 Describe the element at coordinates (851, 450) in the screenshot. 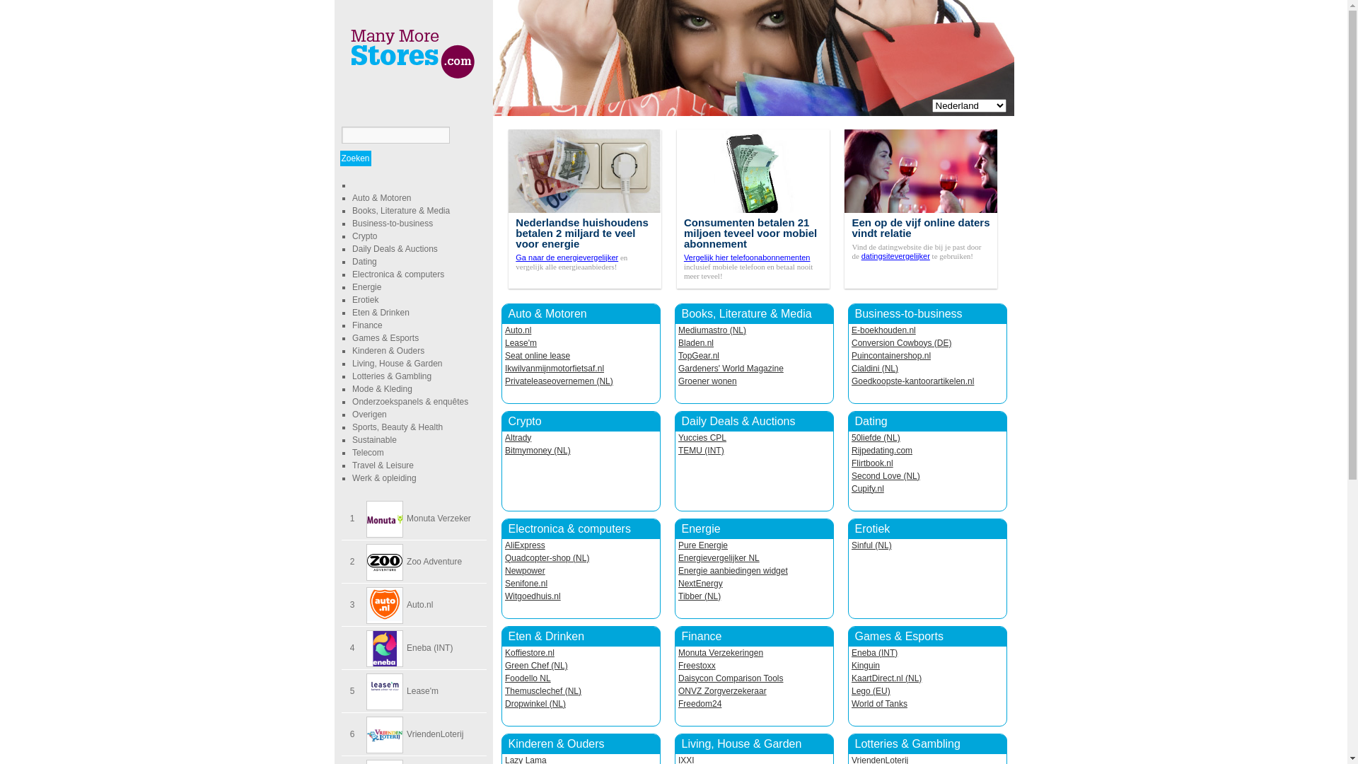

I see `'Rijpedating.com'` at that location.